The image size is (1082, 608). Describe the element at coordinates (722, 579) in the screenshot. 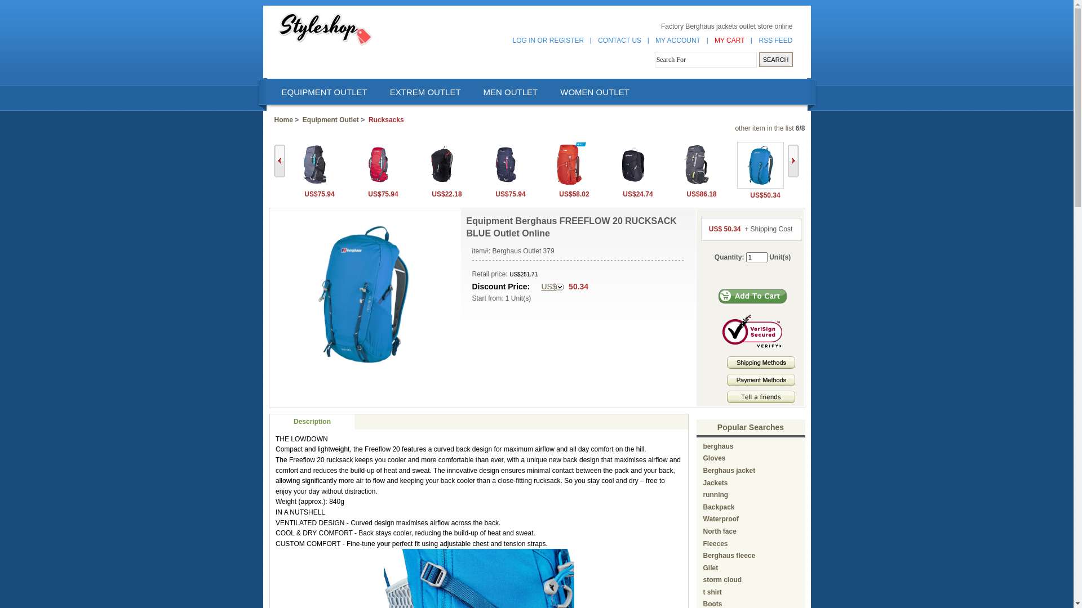

I see `'storm cloud'` at that location.